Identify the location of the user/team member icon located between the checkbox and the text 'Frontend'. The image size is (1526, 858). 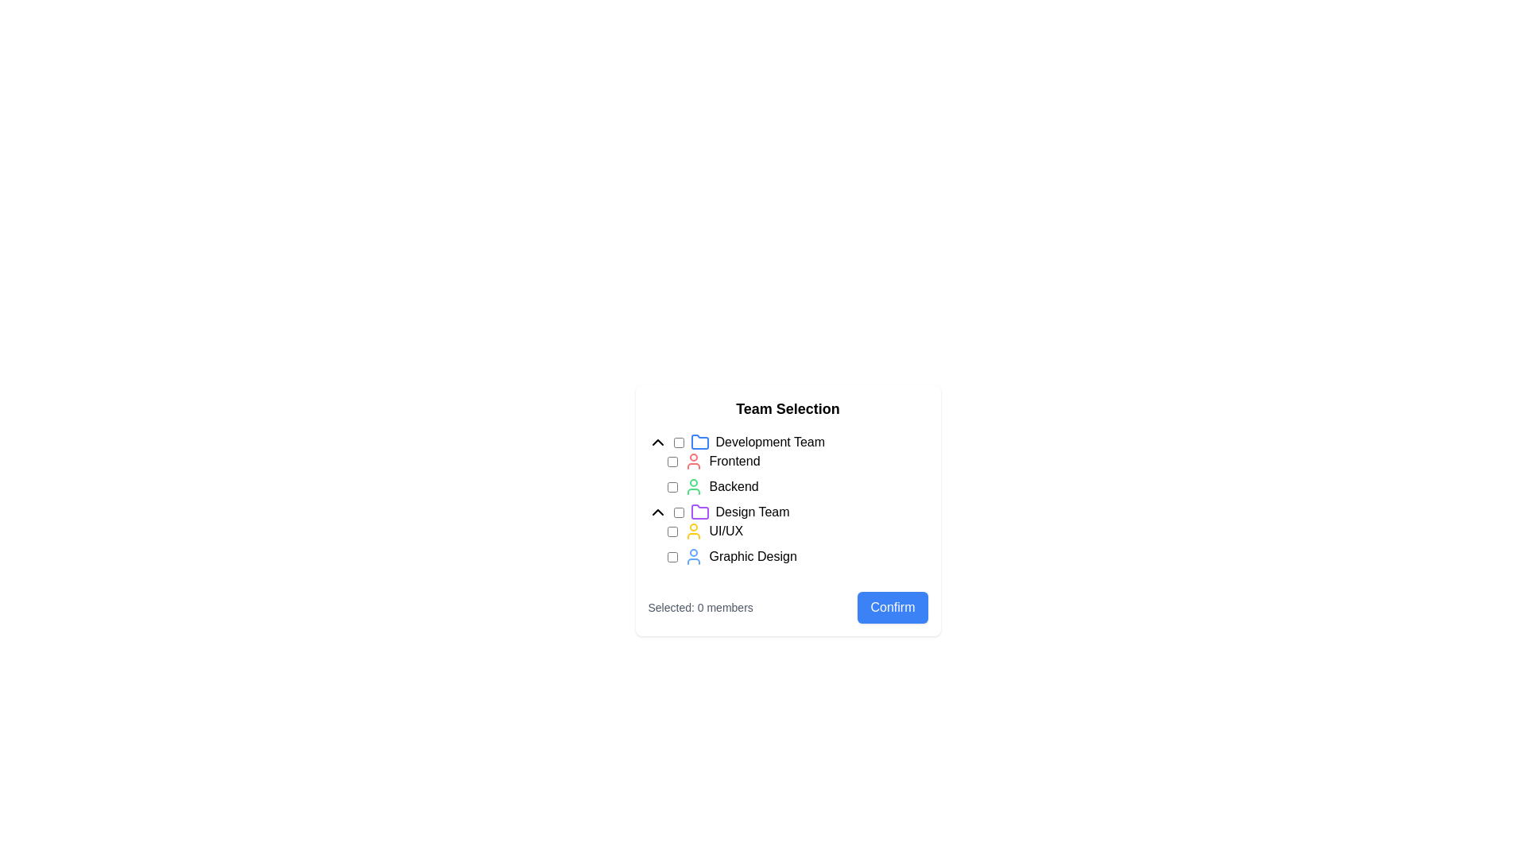
(693, 462).